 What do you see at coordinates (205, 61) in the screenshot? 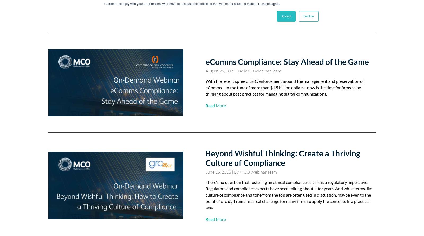
I see `'eComms Compliance: Stay Ahead of the Game'` at bounding box center [205, 61].